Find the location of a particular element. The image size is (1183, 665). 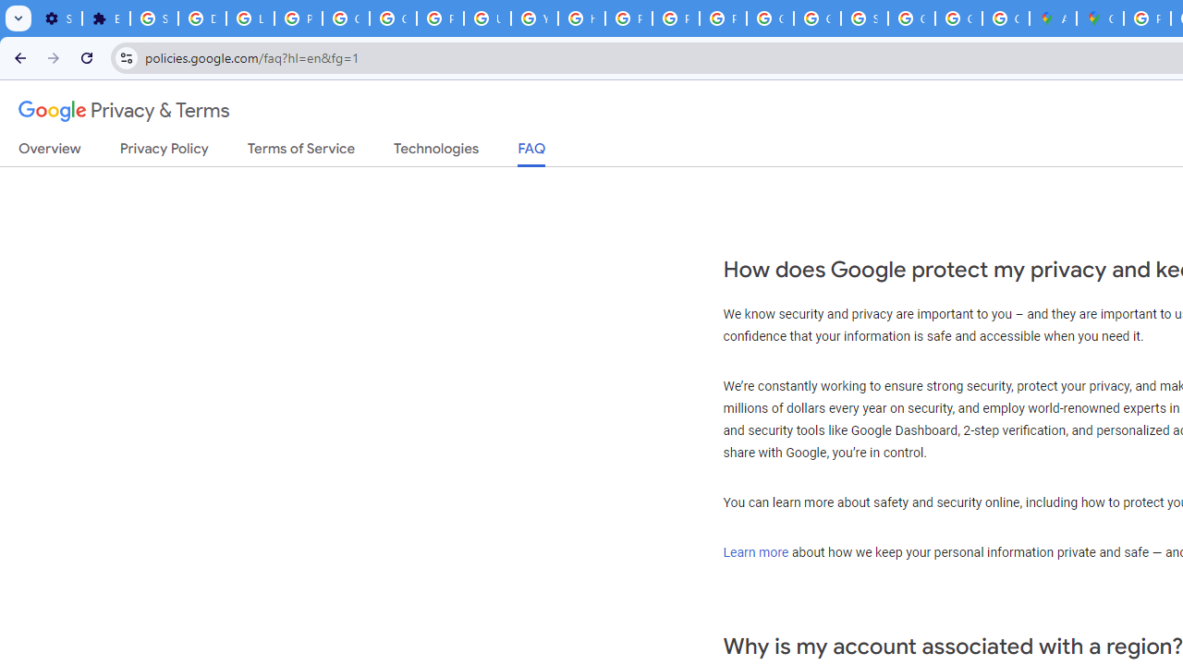

'Create your Google Account' is located at coordinates (1005, 18).